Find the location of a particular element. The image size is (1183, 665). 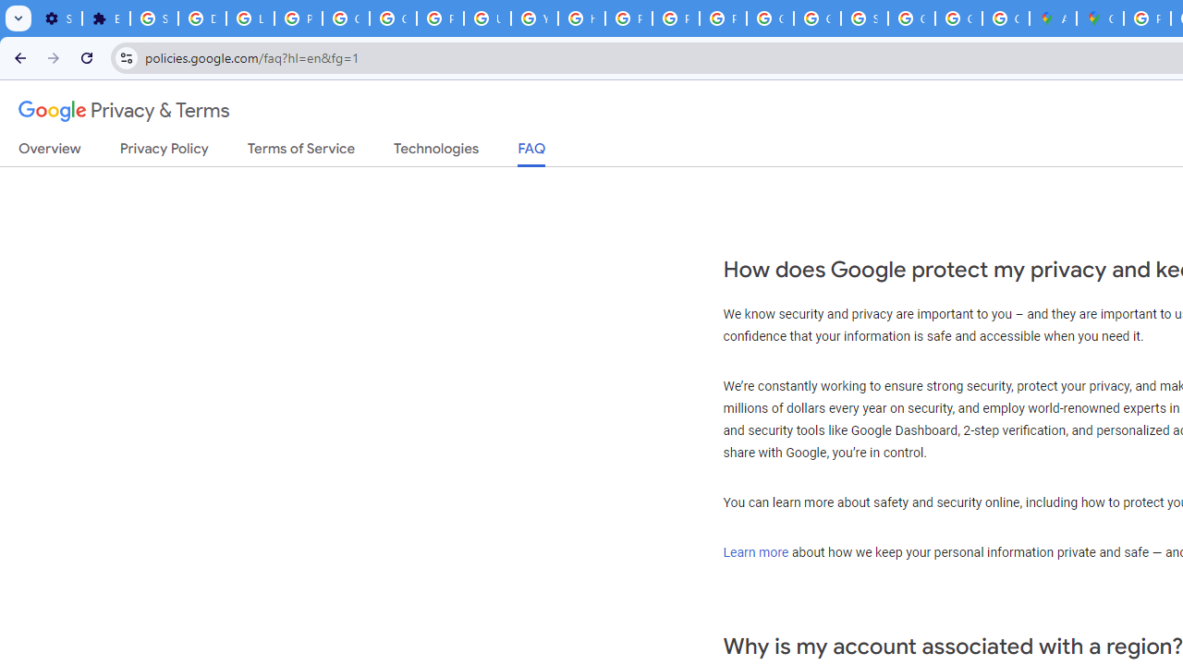

'Create your Google Account' is located at coordinates (1005, 18).